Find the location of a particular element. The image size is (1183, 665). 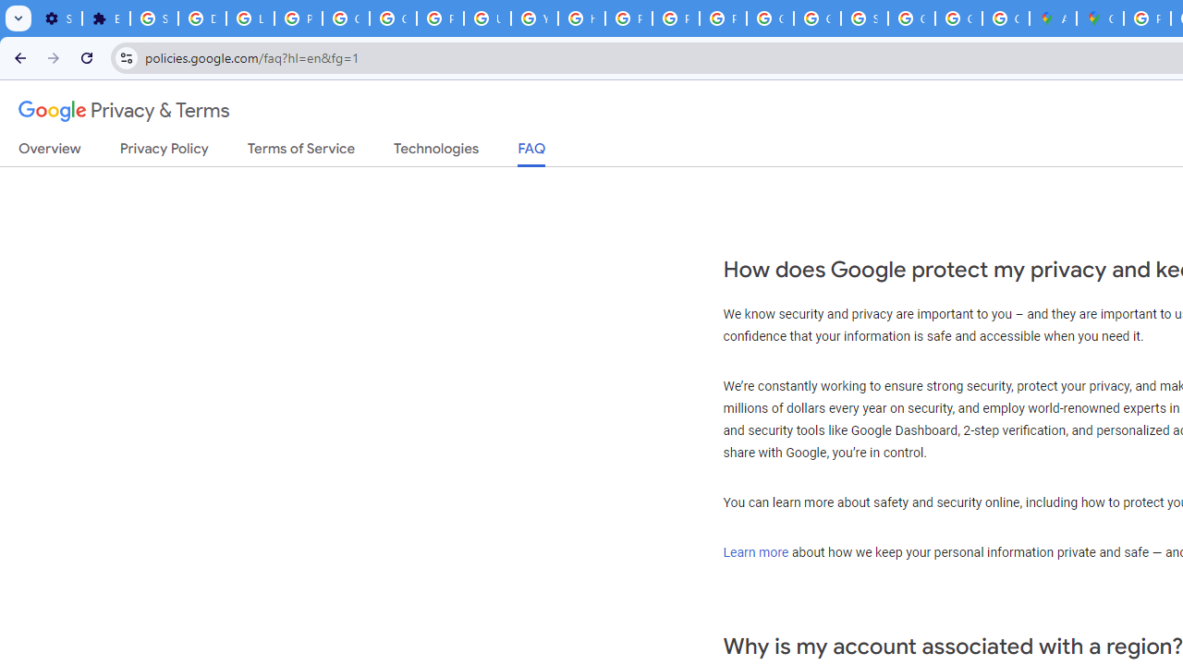

'Create your Google Account' is located at coordinates (1005, 18).